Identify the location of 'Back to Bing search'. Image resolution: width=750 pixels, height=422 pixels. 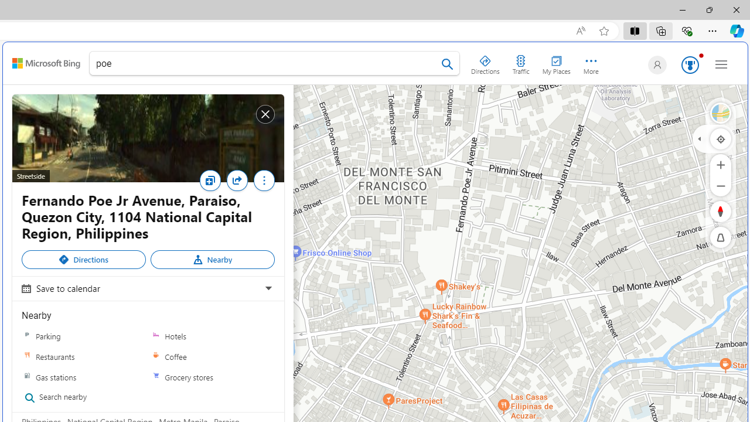
(46, 63).